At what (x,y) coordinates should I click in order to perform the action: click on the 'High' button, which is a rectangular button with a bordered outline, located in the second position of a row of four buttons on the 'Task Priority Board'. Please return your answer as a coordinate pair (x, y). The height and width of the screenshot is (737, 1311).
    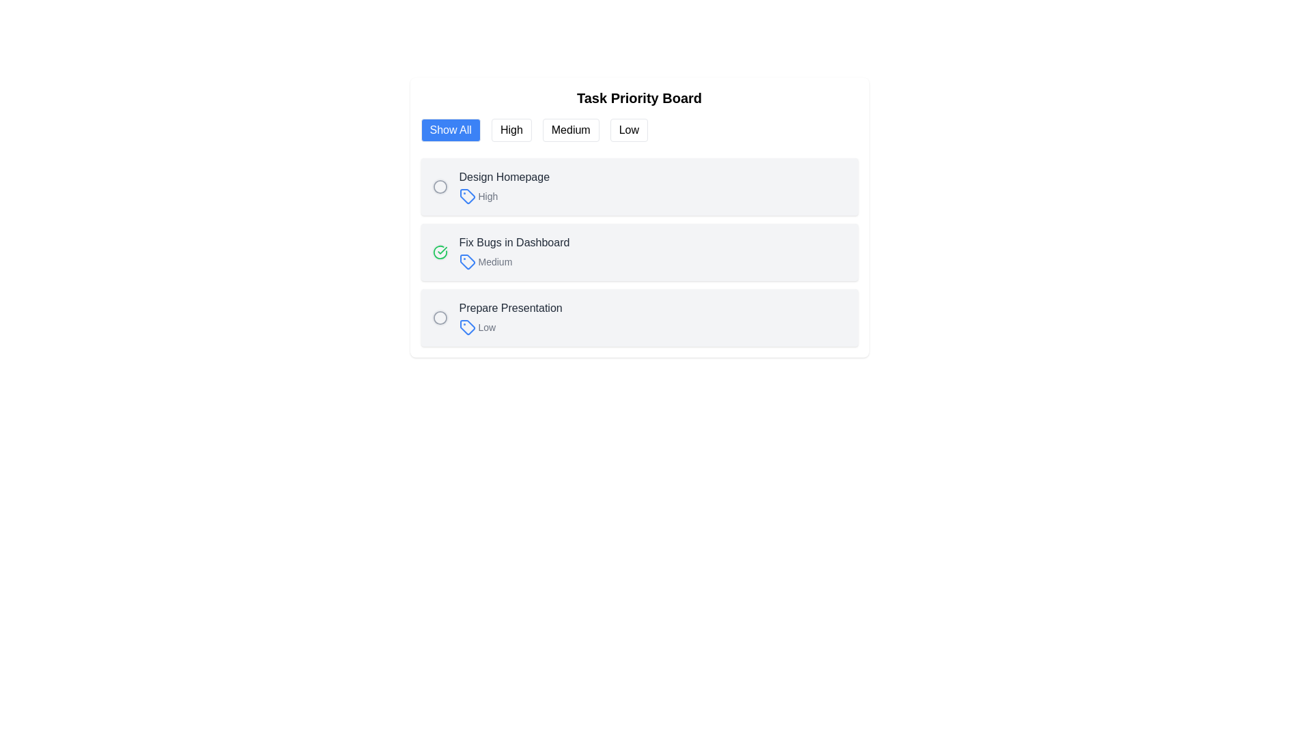
    Looking at the image, I should click on (511, 130).